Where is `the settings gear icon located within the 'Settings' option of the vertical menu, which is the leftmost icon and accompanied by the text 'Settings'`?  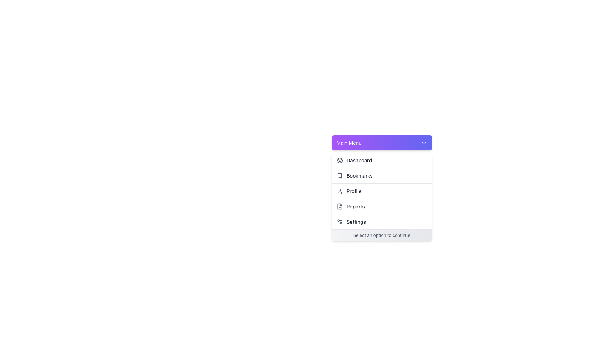 the settings gear icon located within the 'Settings' option of the vertical menu, which is the leftmost icon and accompanied by the text 'Settings' is located at coordinates (339, 221).